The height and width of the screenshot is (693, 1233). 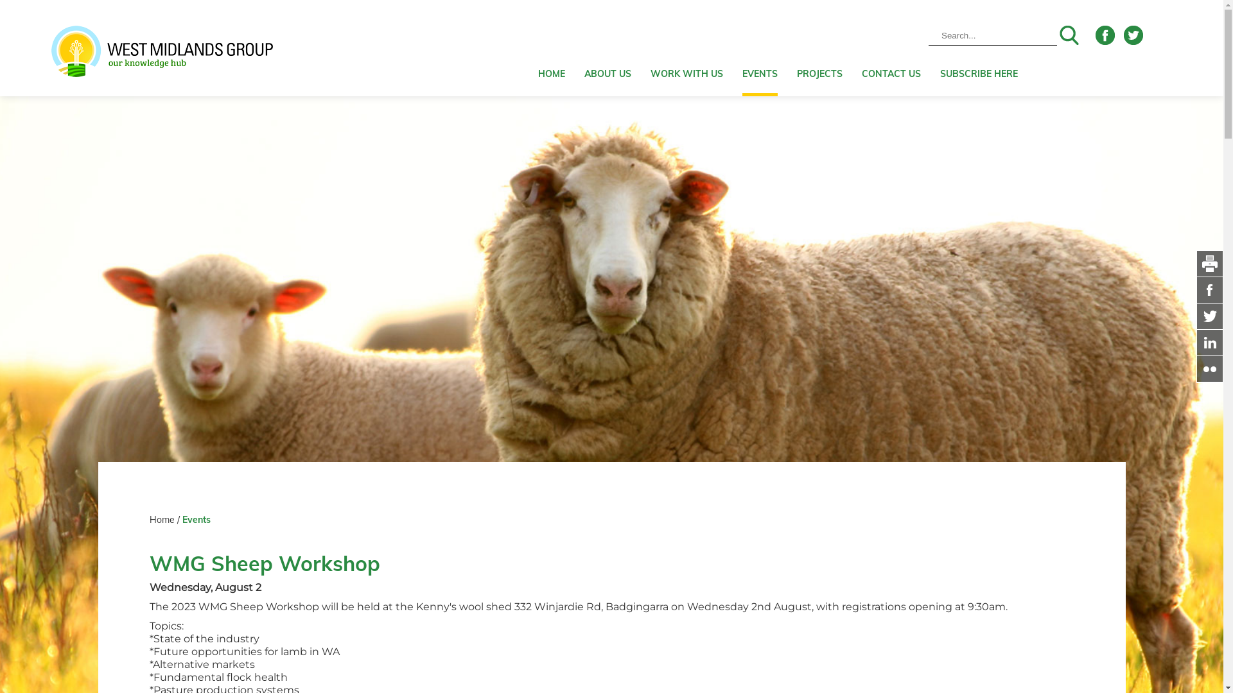 I want to click on 'Enter the terms you wish to search for.', so click(x=992, y=35).